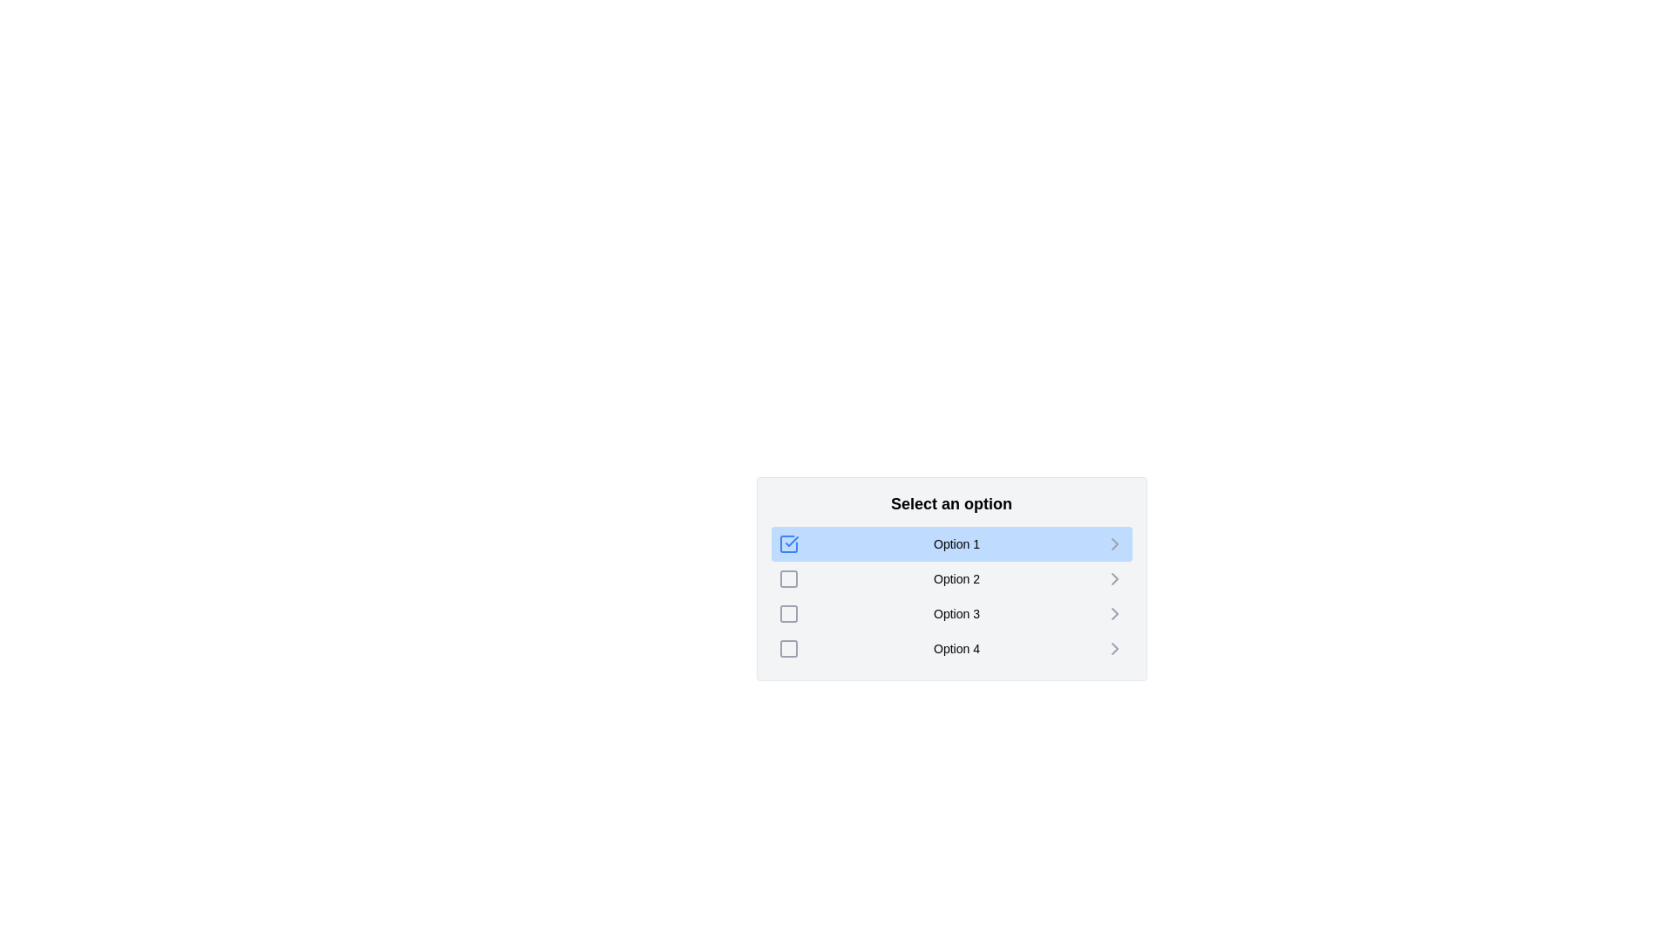 The image size is (1674, 942). I want to click on the checked state of the checkbox icon located on the left side of 'Option 1' in the selectable list, so click(787, 543).